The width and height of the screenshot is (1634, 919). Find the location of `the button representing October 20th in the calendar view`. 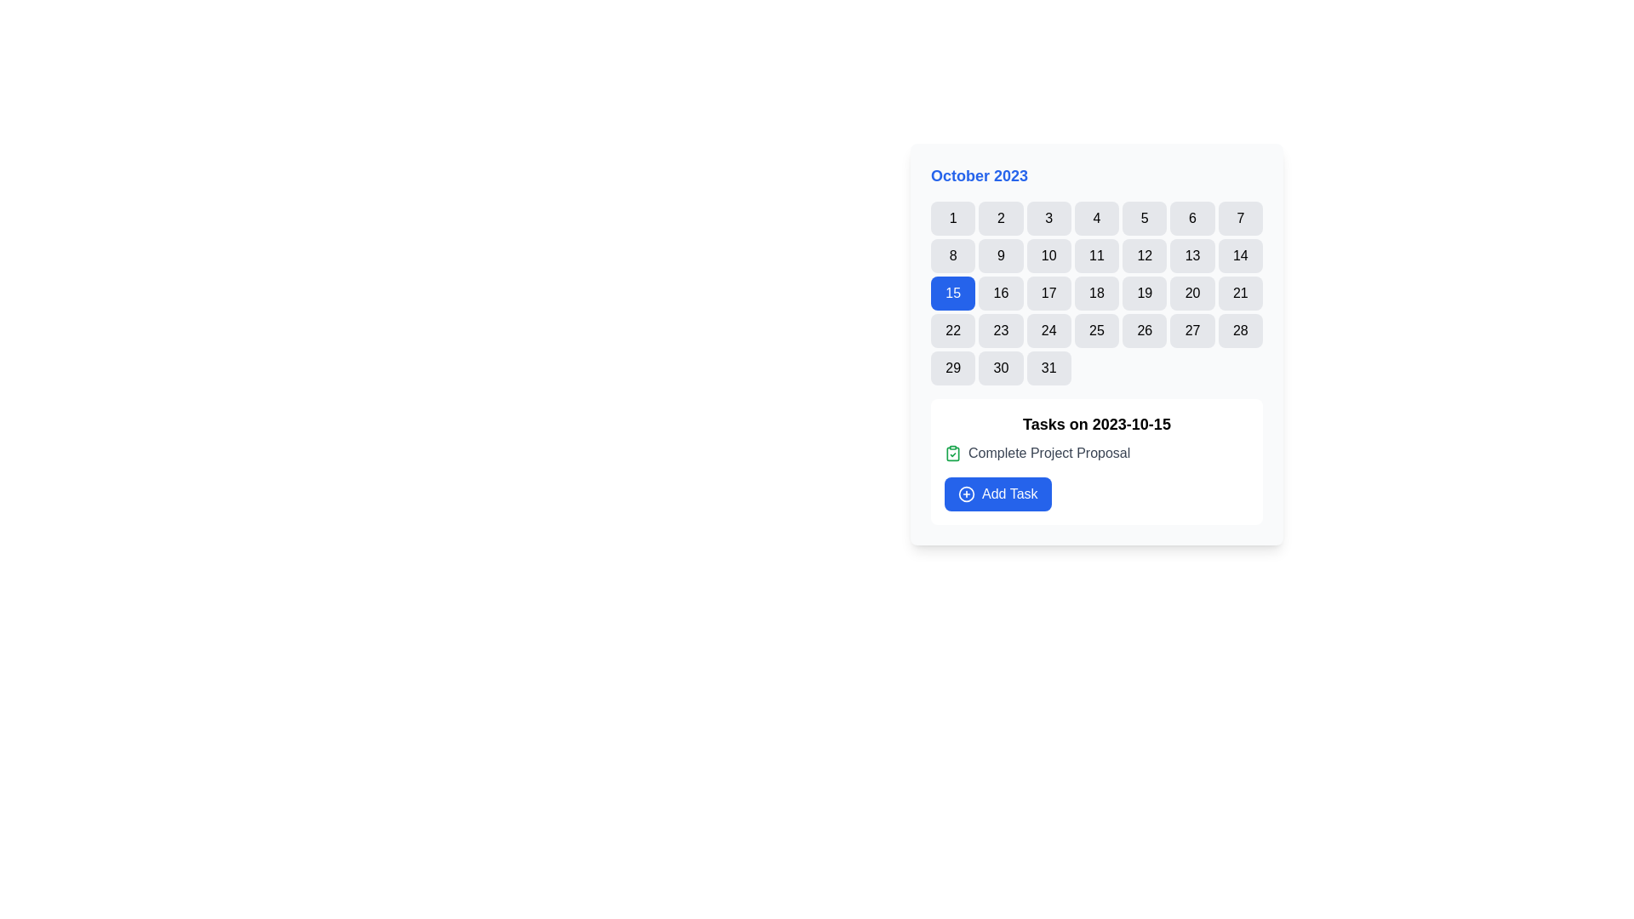

the button representing October 20th in the calendar view is located at coordinates (1191, 292).